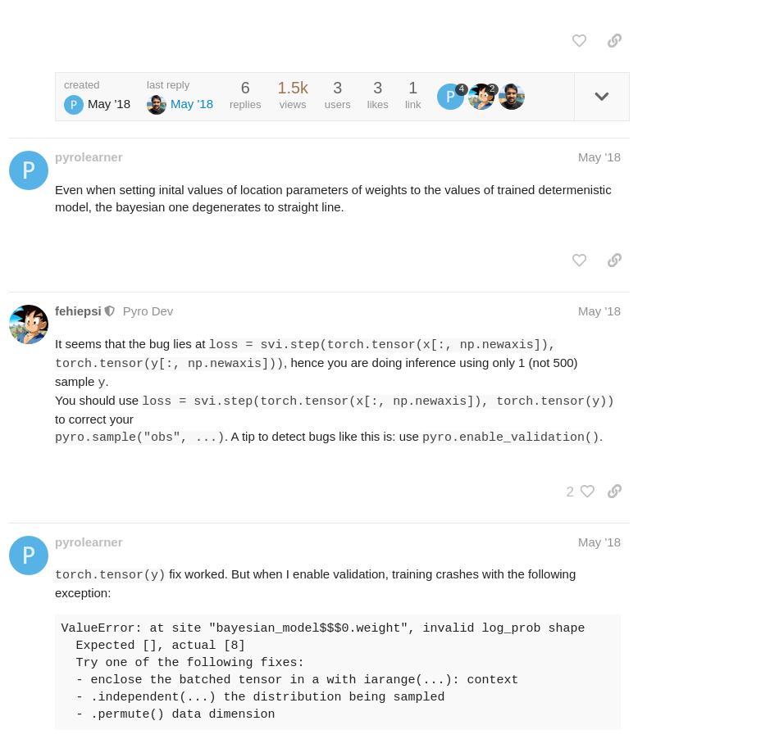 This screenshot has height=739, width=779. What do you see at coordinates (63, 84) in the screenshot?
I see `'created'` at bounding box center [63, 84].